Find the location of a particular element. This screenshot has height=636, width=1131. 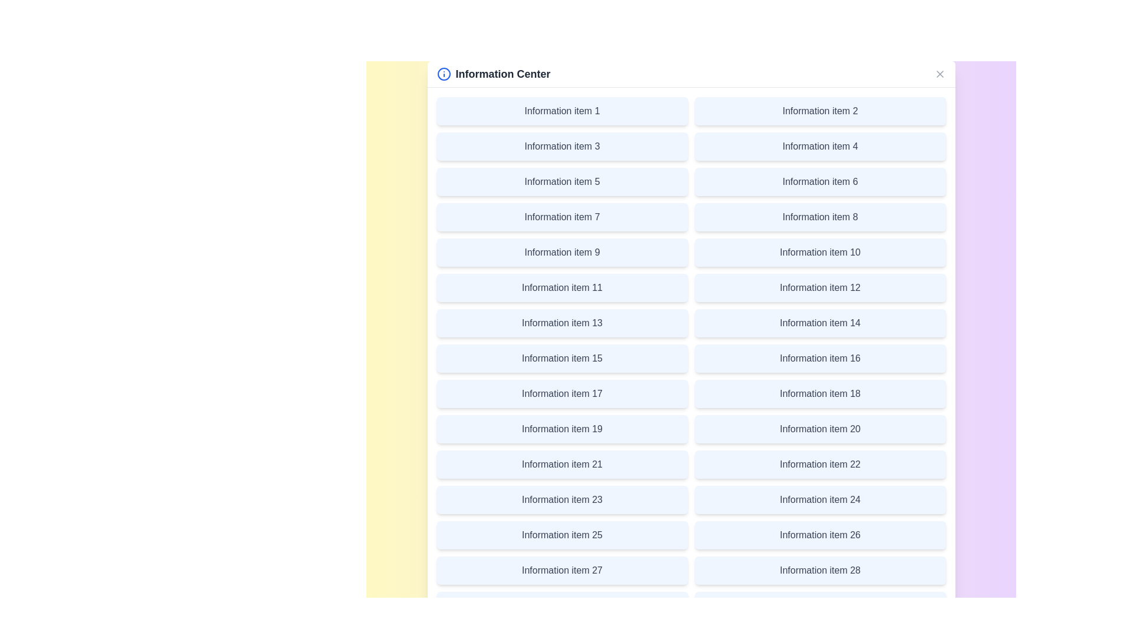

the close button (X) to close the dialog is located at coordinates (939, 74).